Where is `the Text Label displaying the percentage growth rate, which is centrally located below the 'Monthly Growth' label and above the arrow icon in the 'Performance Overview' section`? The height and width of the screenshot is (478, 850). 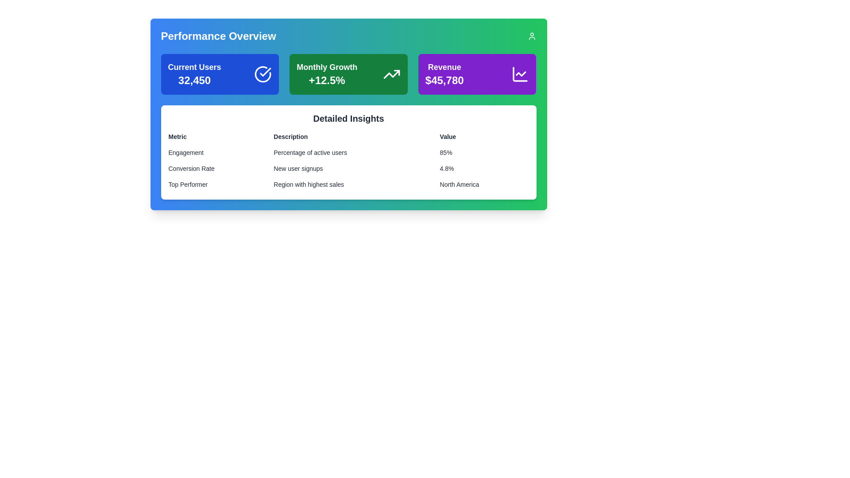
the Text Label displaying the percentage growth rate, which is centrally located below the 'Monthly Growth' label and above the arrow icon in the 'Performance Overview' section is located at coordinates (326, 80).